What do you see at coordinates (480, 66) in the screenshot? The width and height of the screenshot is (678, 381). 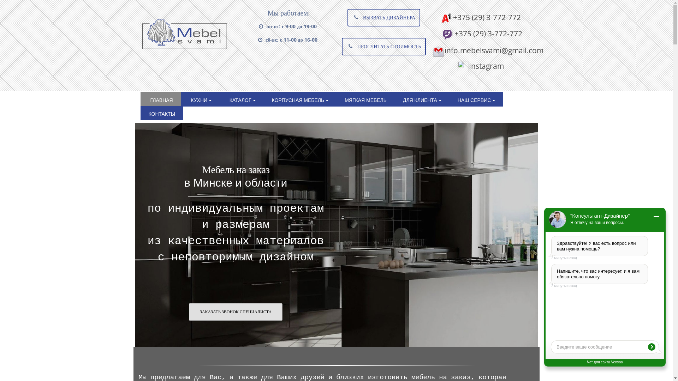 I see `'Instagram'` at bounding box center [480, 66].